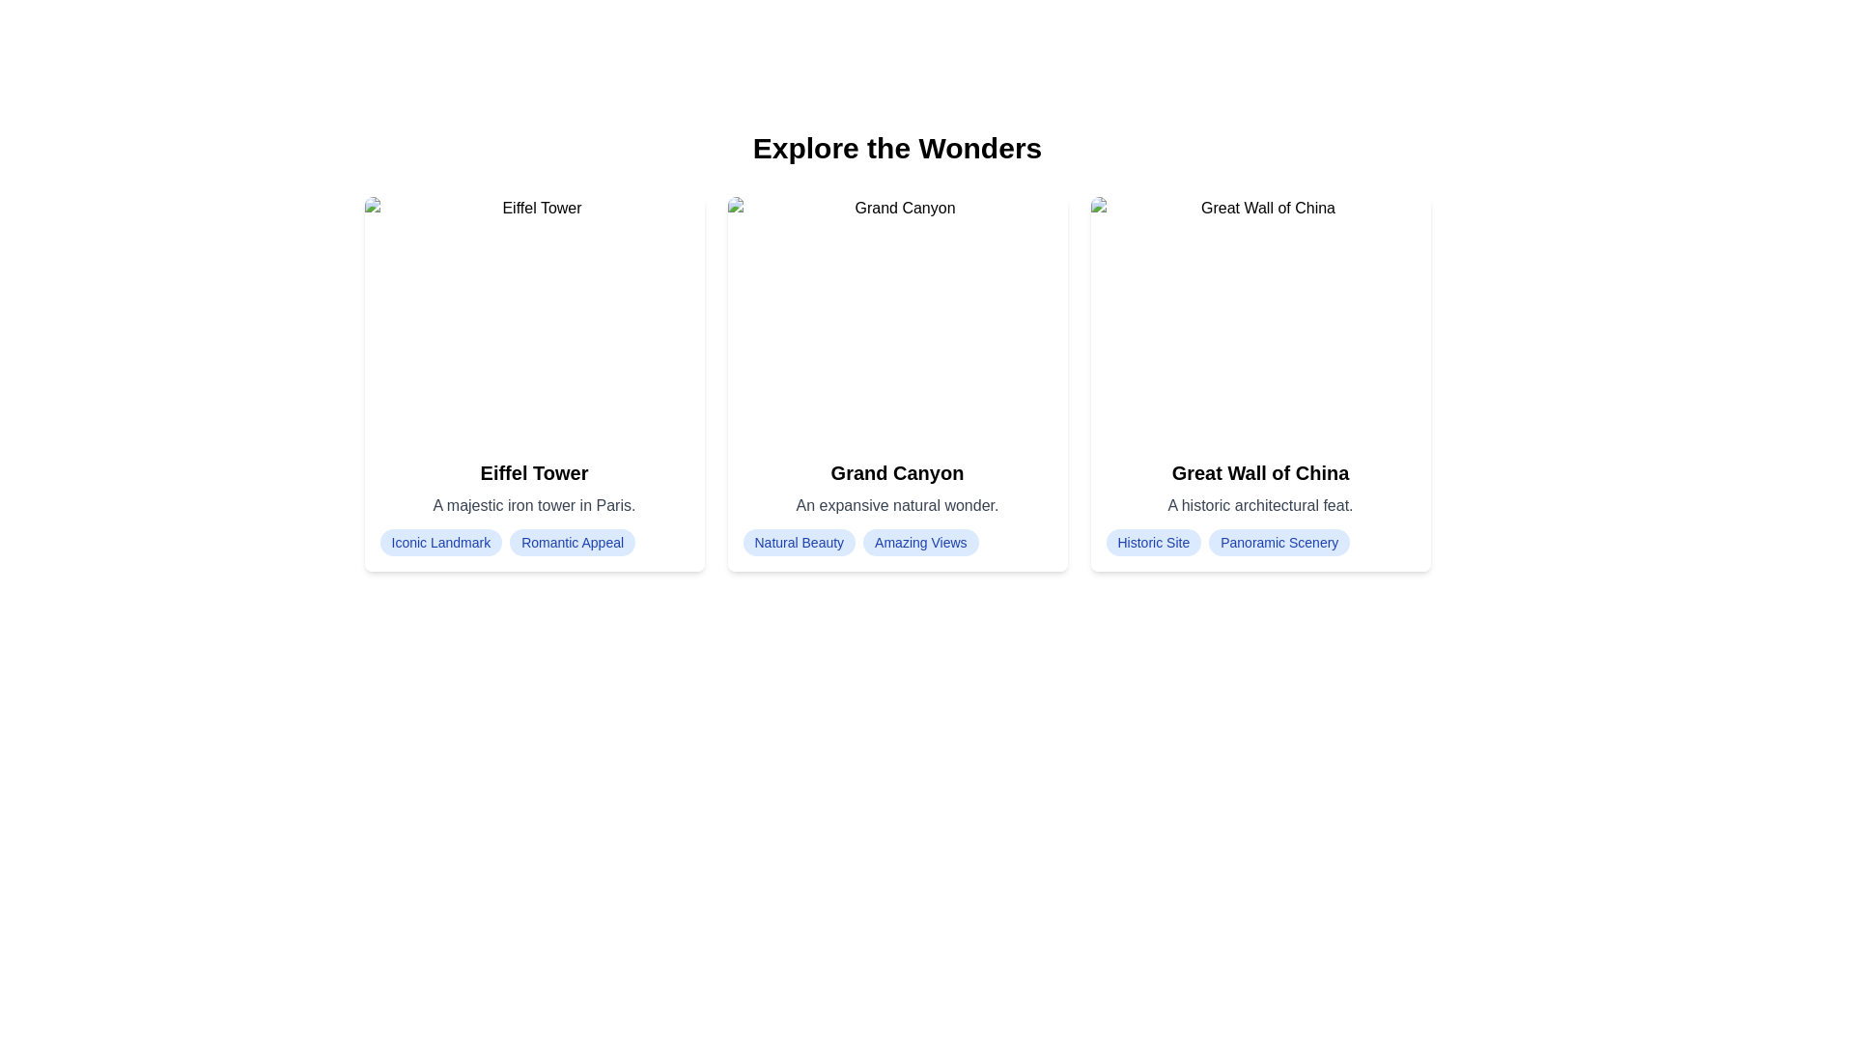  I want to click on the first pill-shaped blue badge with the text 'Historic Site' located at the bottom of the card titled 'Great Wall of China', so click(1153, 543).